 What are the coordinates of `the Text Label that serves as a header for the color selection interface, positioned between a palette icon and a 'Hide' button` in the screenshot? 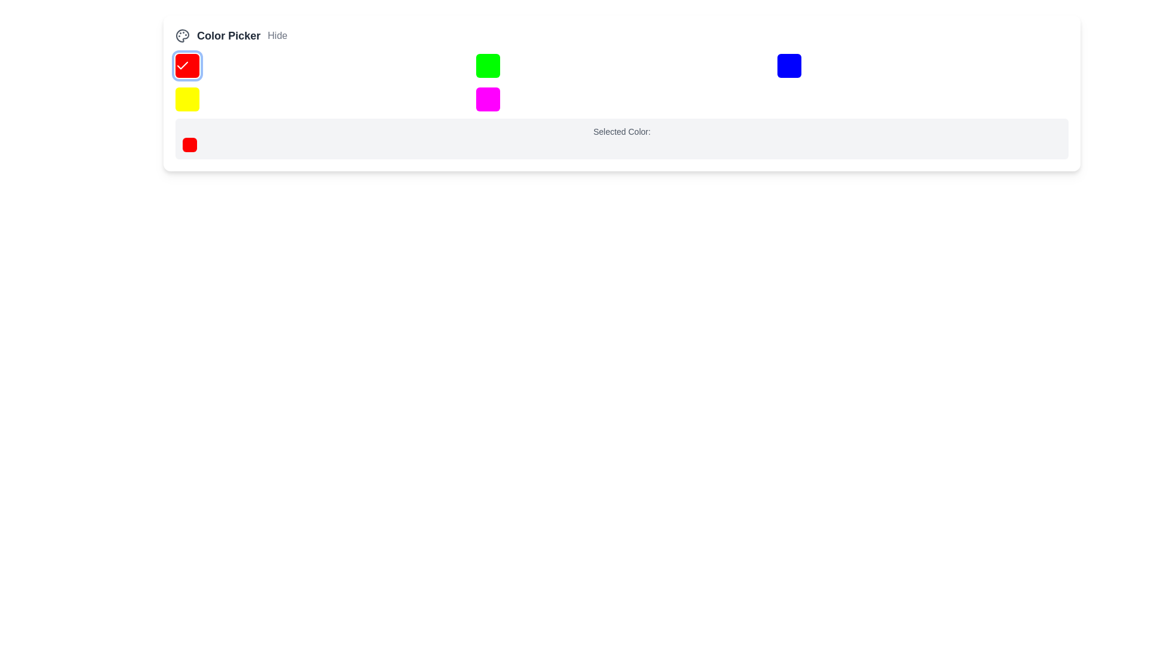 It's located at (229, 35).